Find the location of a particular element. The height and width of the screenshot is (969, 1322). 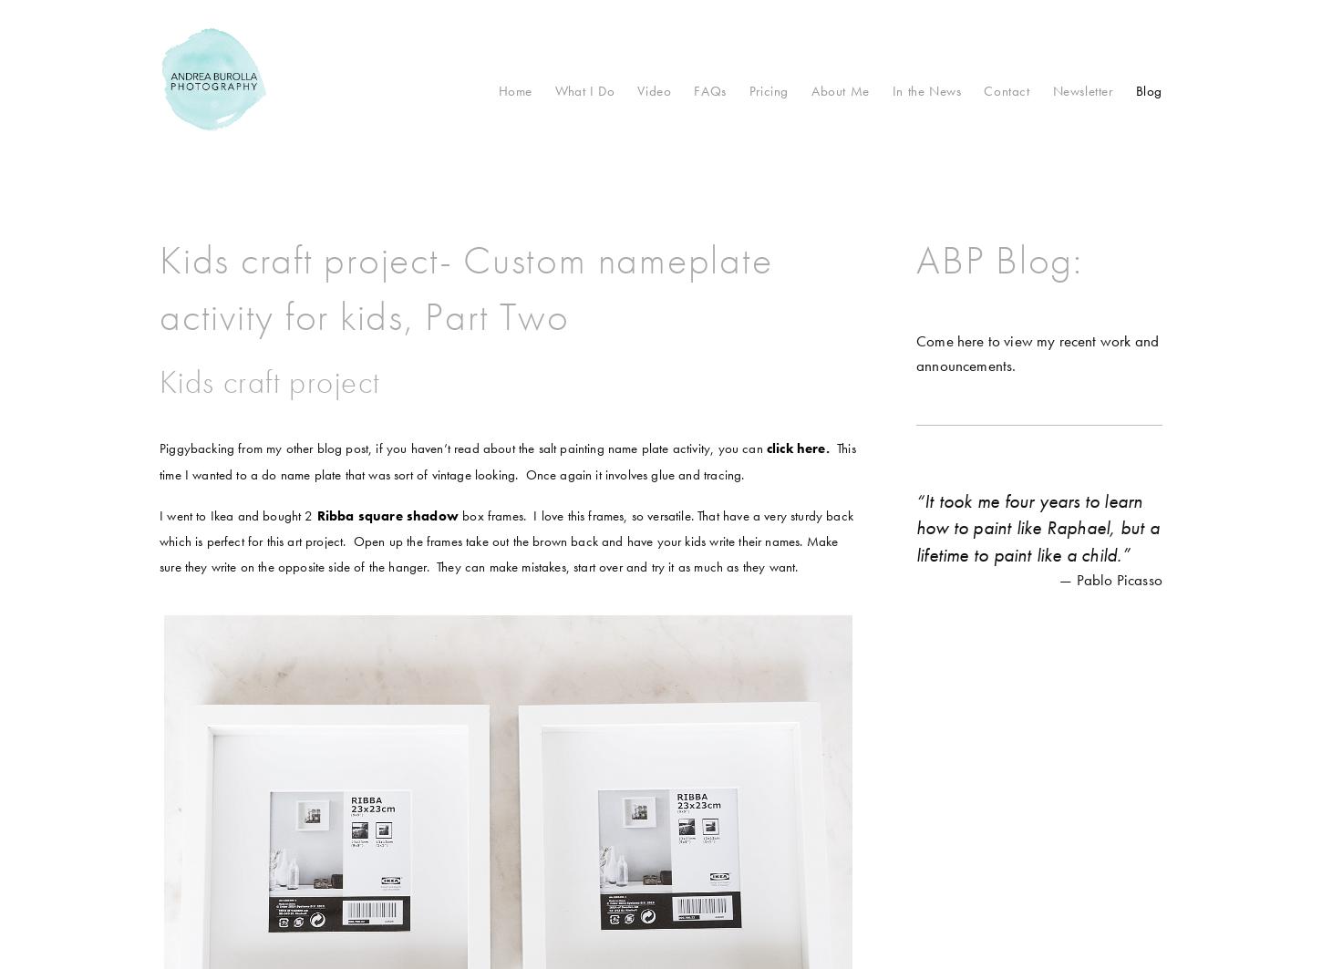

'Kids craft project- Custom nameplate activity for kids, Part Two' is located at coordinates (465, 287).